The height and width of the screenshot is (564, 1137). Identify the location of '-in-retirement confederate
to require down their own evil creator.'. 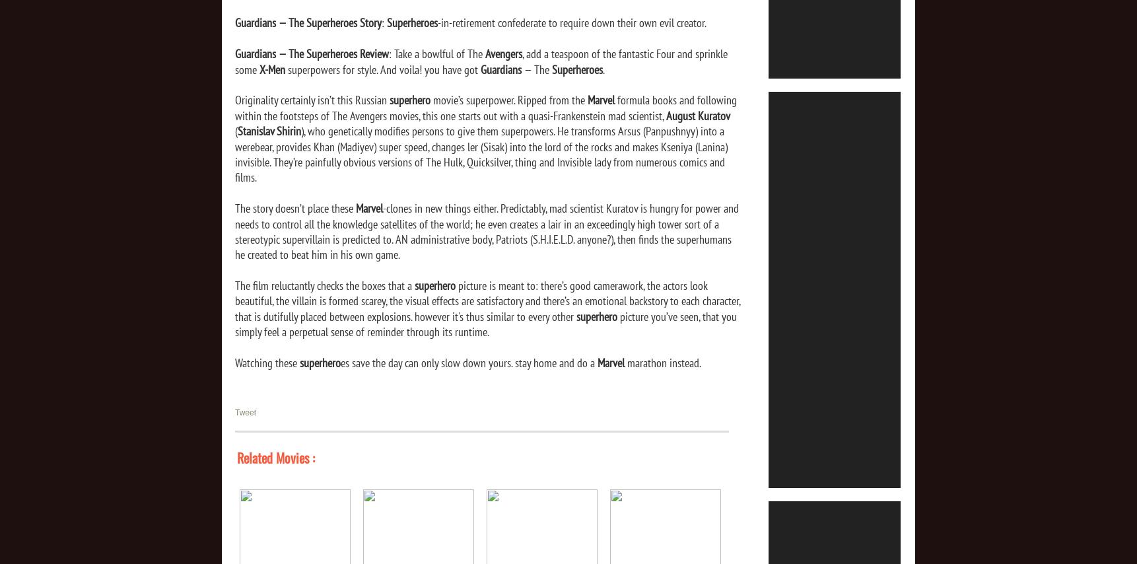
(572, 22).